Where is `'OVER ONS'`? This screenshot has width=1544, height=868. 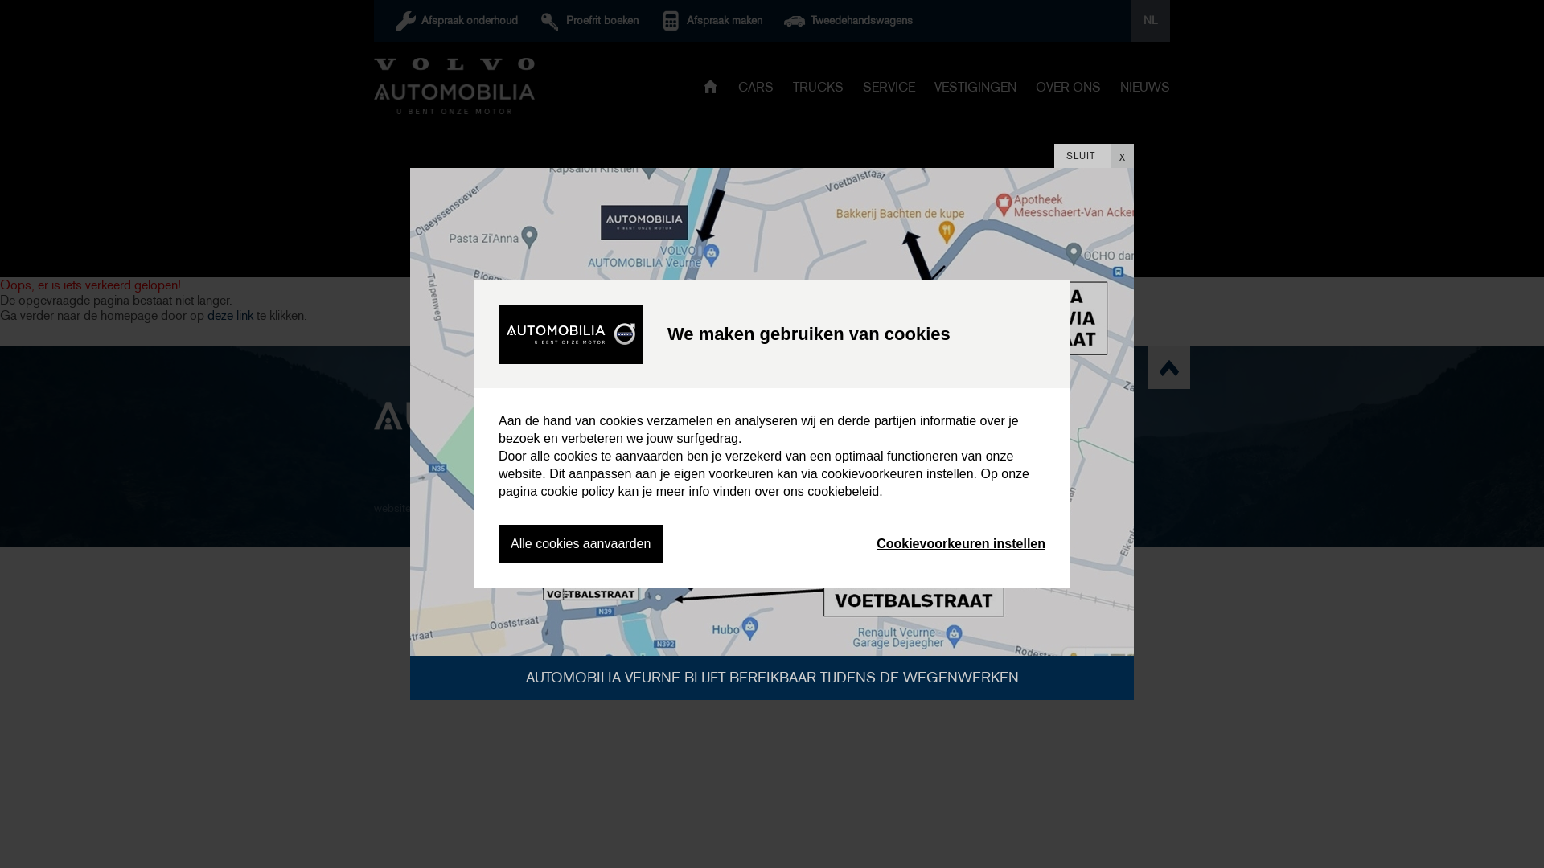 'OVER ONS' is located at coordinates (1068, 90).